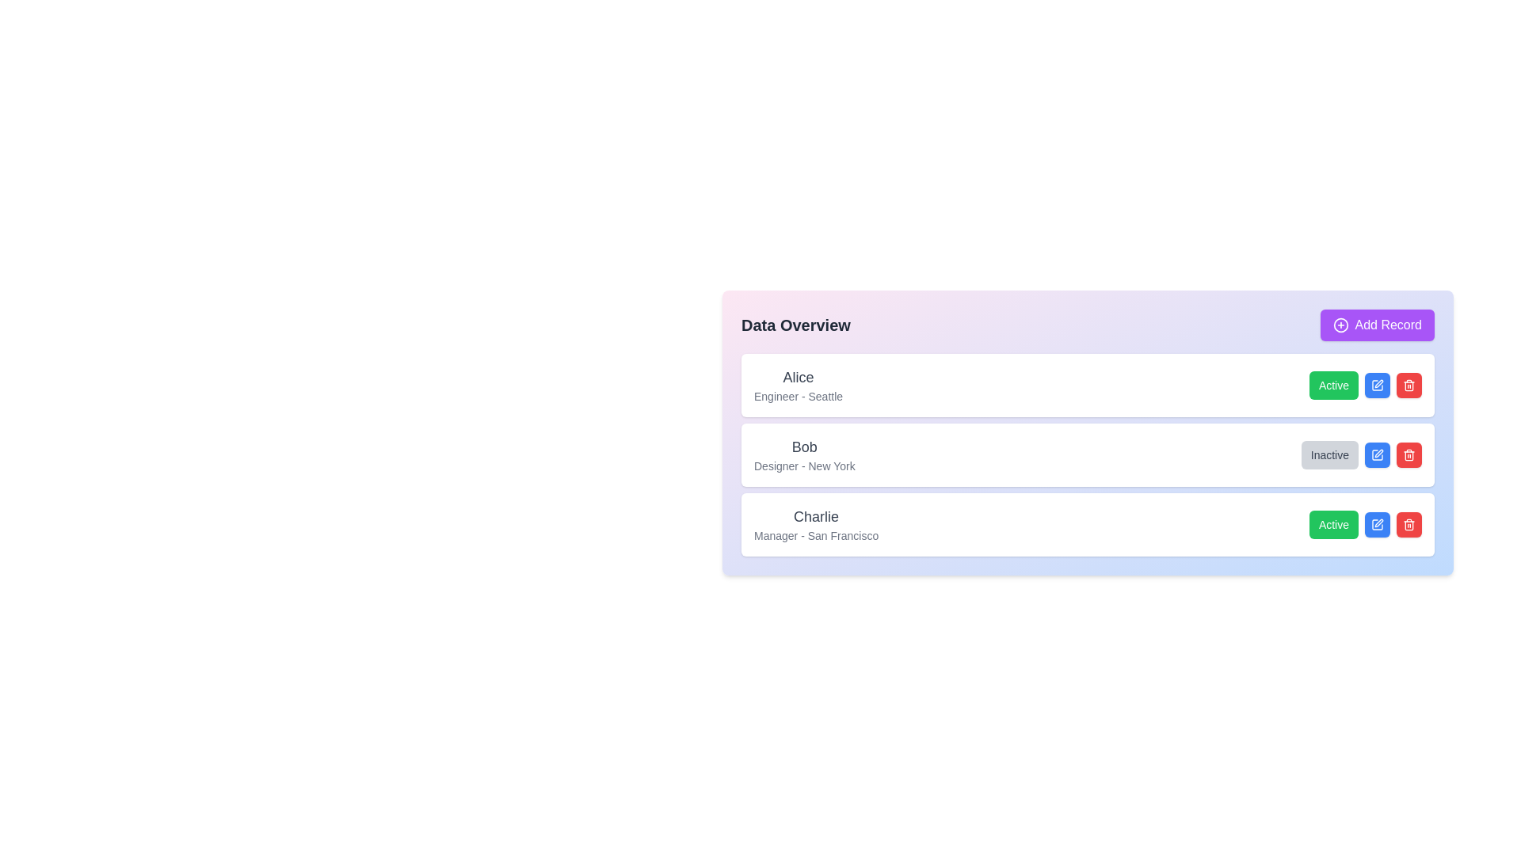 The width and height of the screenshot is (1521, 855). What do you see at coordinates (1376, 454) in the screenshot?
I see `the edit button for the user 'Bob' located in the second row of the user table in the 'Data Overview' section` at bounding box center [1376, 454].